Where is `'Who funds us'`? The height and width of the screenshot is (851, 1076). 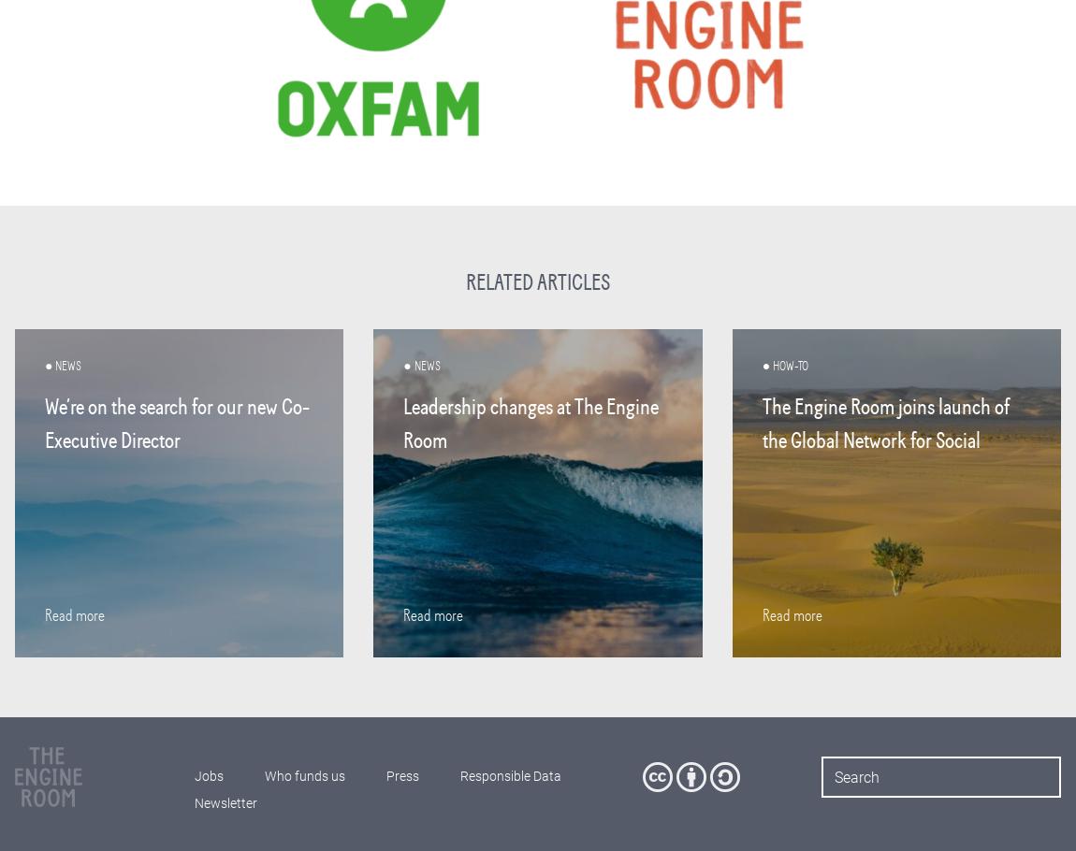 'Who funds us' is located at coordinates (303, 776).